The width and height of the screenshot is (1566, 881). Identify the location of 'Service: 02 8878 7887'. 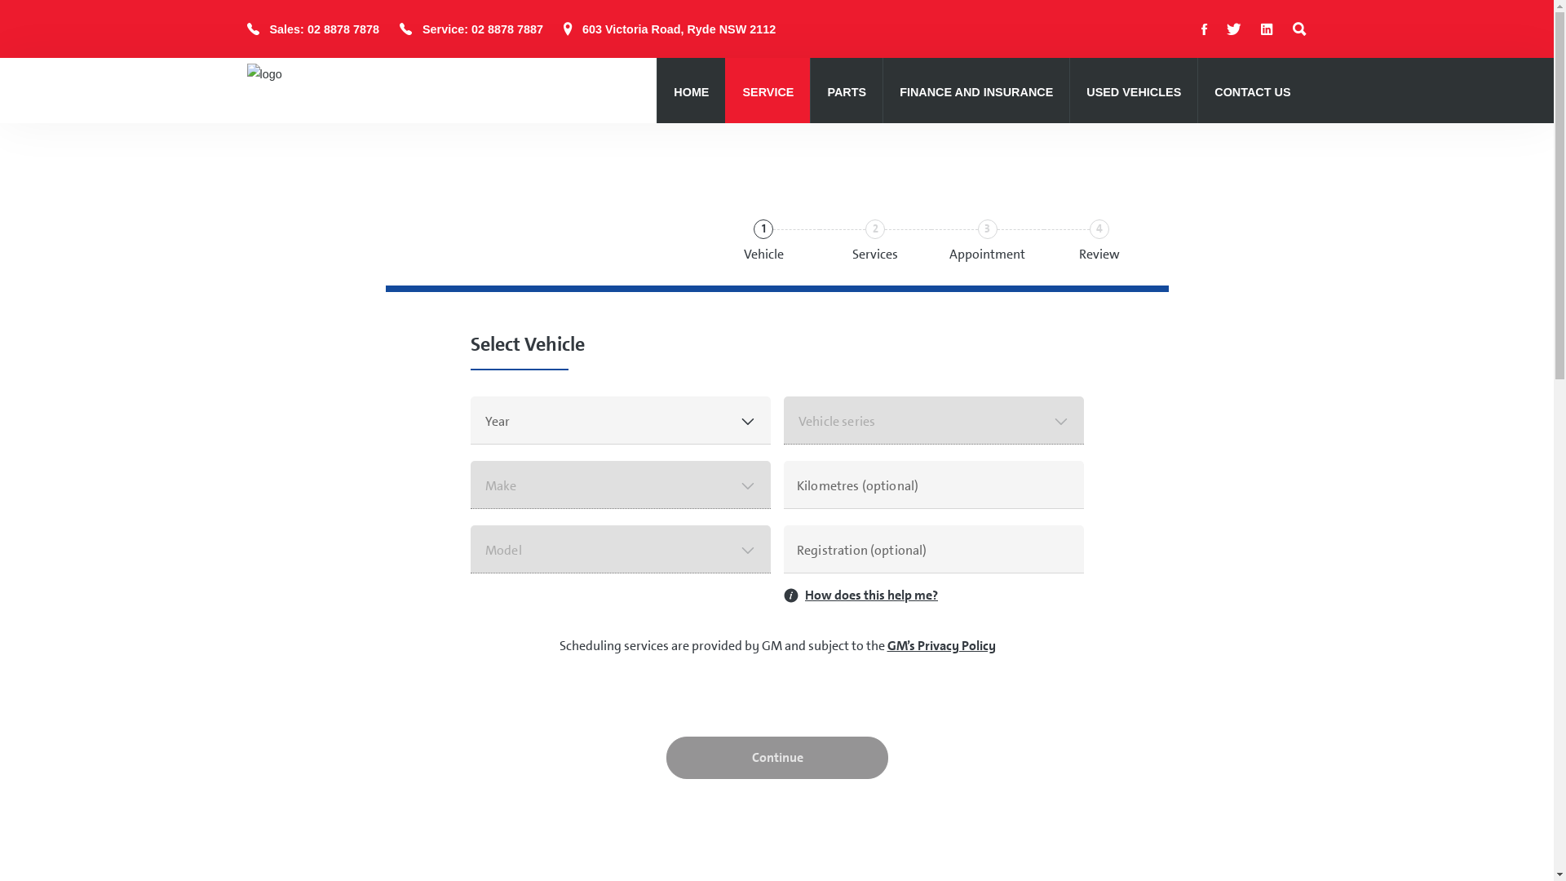
(481, 29).